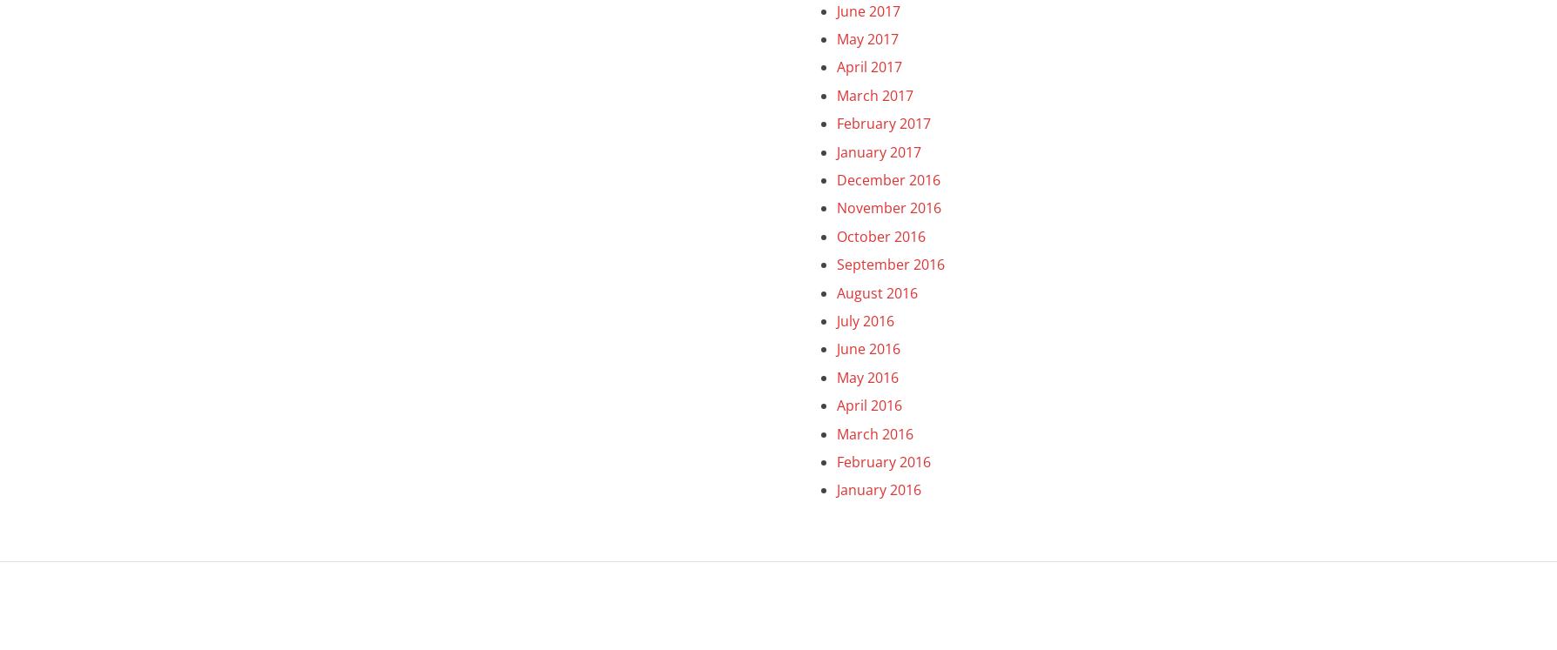 The image size is (1557, 650). What do you see at coordinates (880, 236) in the screenshot?
I see `'October 2016'` at bounding box center [880, 236].